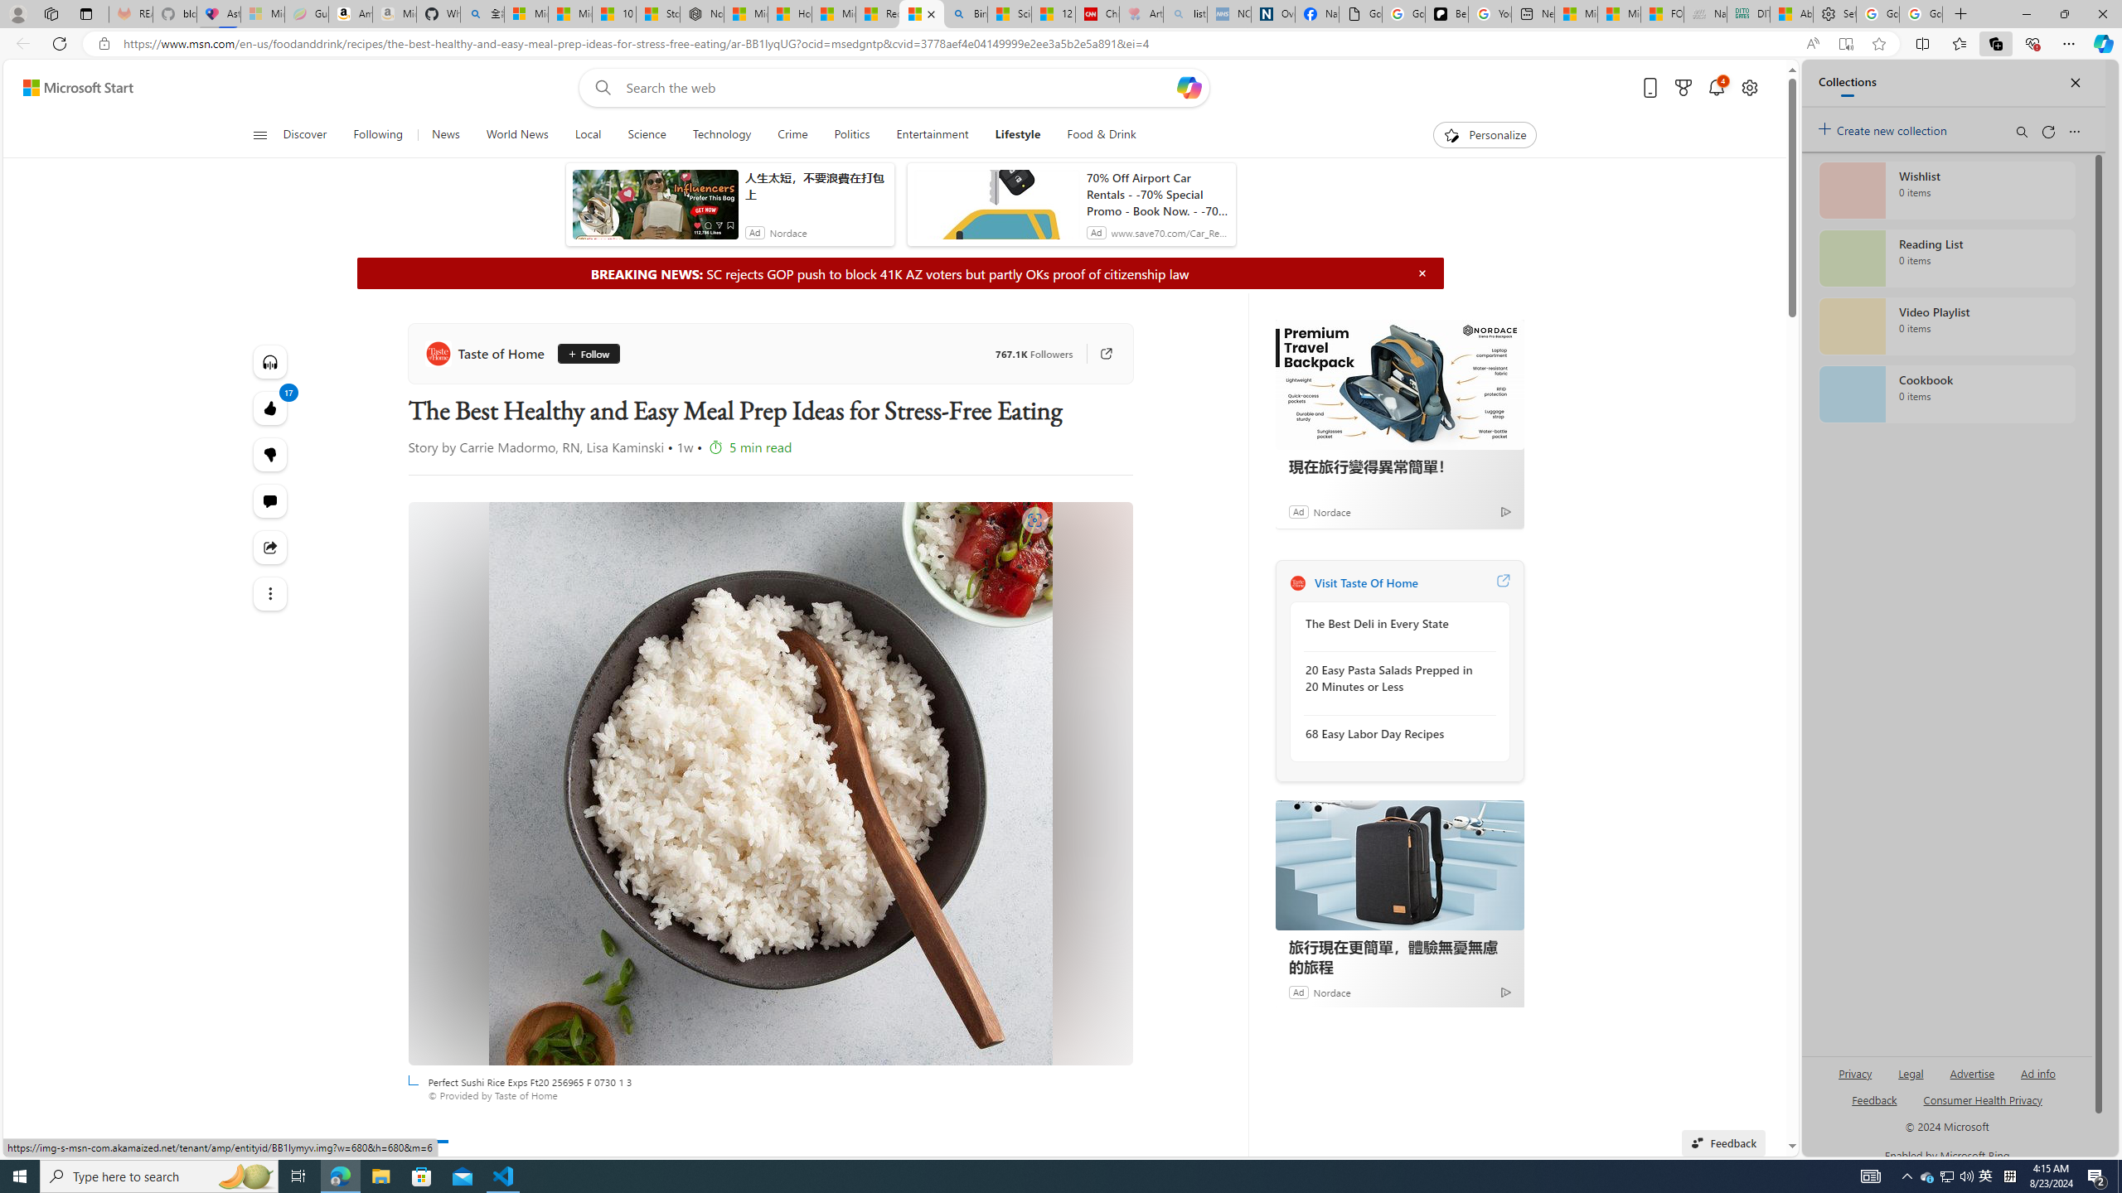 This screenshot has height=1193, width=2122. What do you see at coordinates (1748, 13) in the screenshot?
I see `'DITOGAMES AG Imprint'` at bounding box center [1748, 13].